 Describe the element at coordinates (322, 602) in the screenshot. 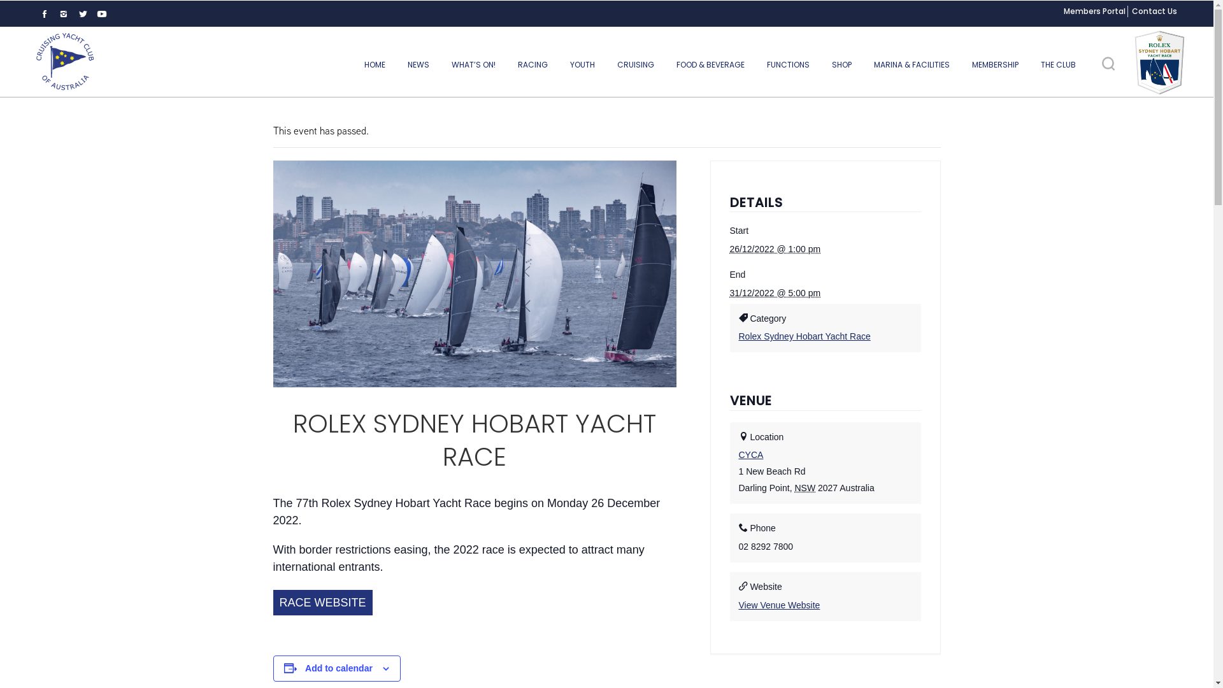

I see `'RACE WEBSITE'` at that location.